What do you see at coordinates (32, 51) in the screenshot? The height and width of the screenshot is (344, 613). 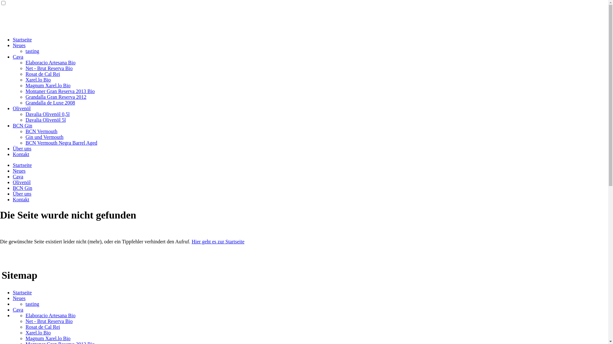 I see `'tasting'` at bounding box center [32, 51].